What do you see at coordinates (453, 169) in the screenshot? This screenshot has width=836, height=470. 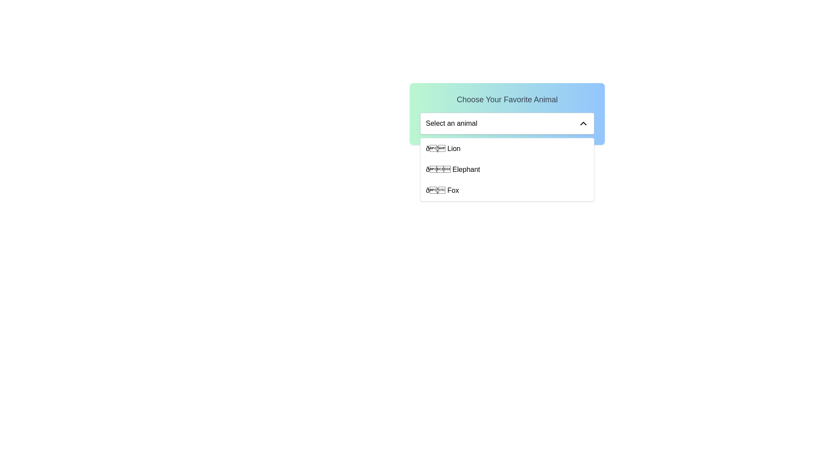 I see `to select the dropdown menu option labeled '🐘 Elephant', which is the second option in the list under 'Choose Your Favorite Animal'` at bounding box center [453, 169].